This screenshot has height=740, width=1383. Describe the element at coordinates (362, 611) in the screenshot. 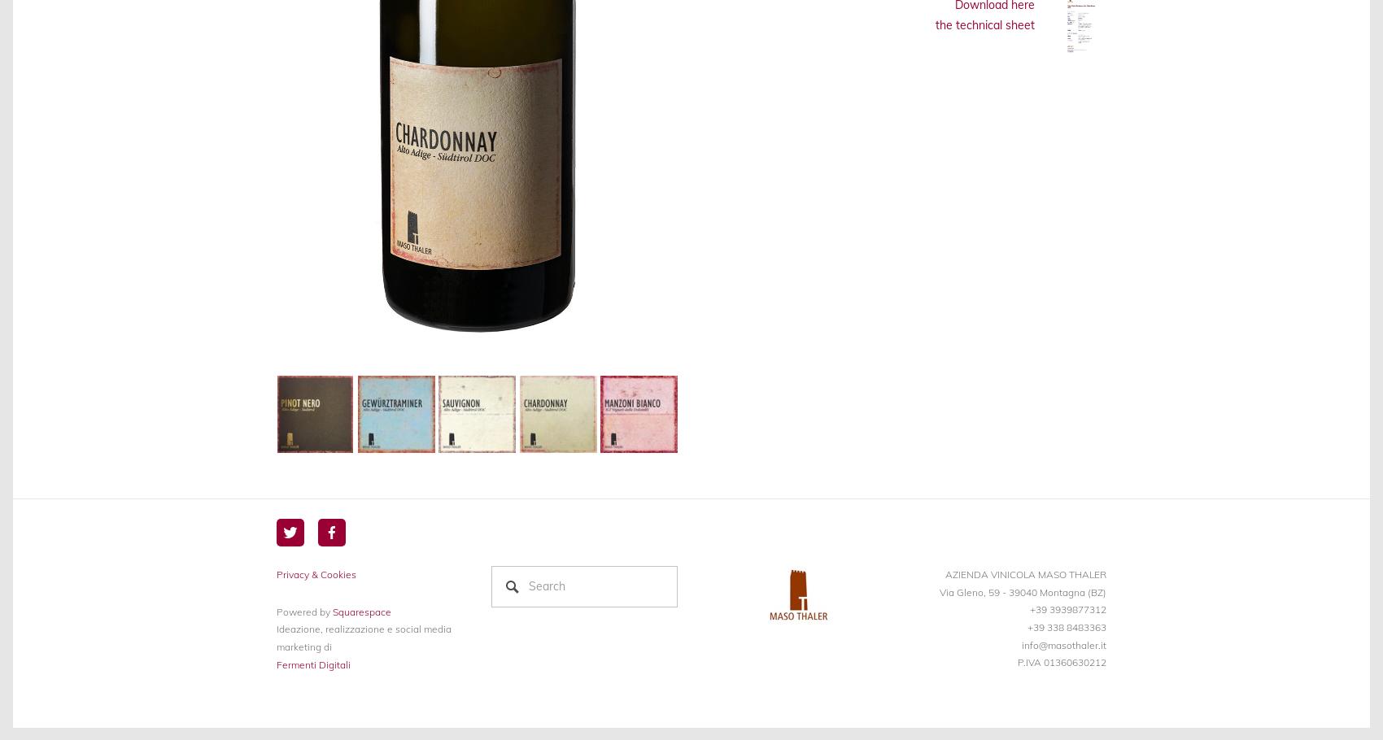

I see `'Squarespace'` at that location.